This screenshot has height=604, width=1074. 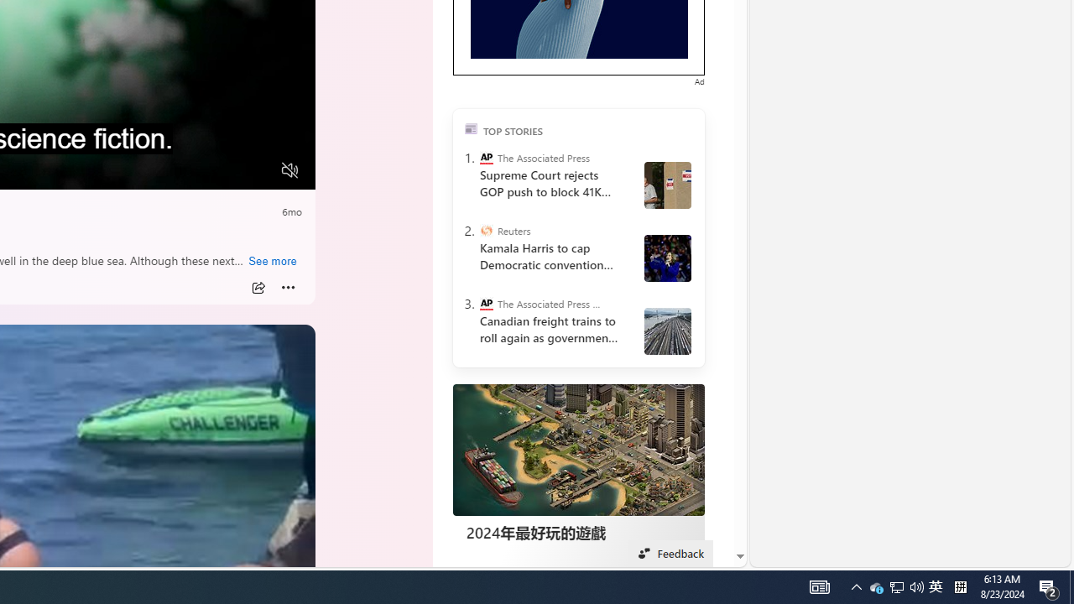 What do you see at coordinates (667, 331) in the screenshot?
I see `' Canada Railroads Unions'` at bounding box center [667, 331].